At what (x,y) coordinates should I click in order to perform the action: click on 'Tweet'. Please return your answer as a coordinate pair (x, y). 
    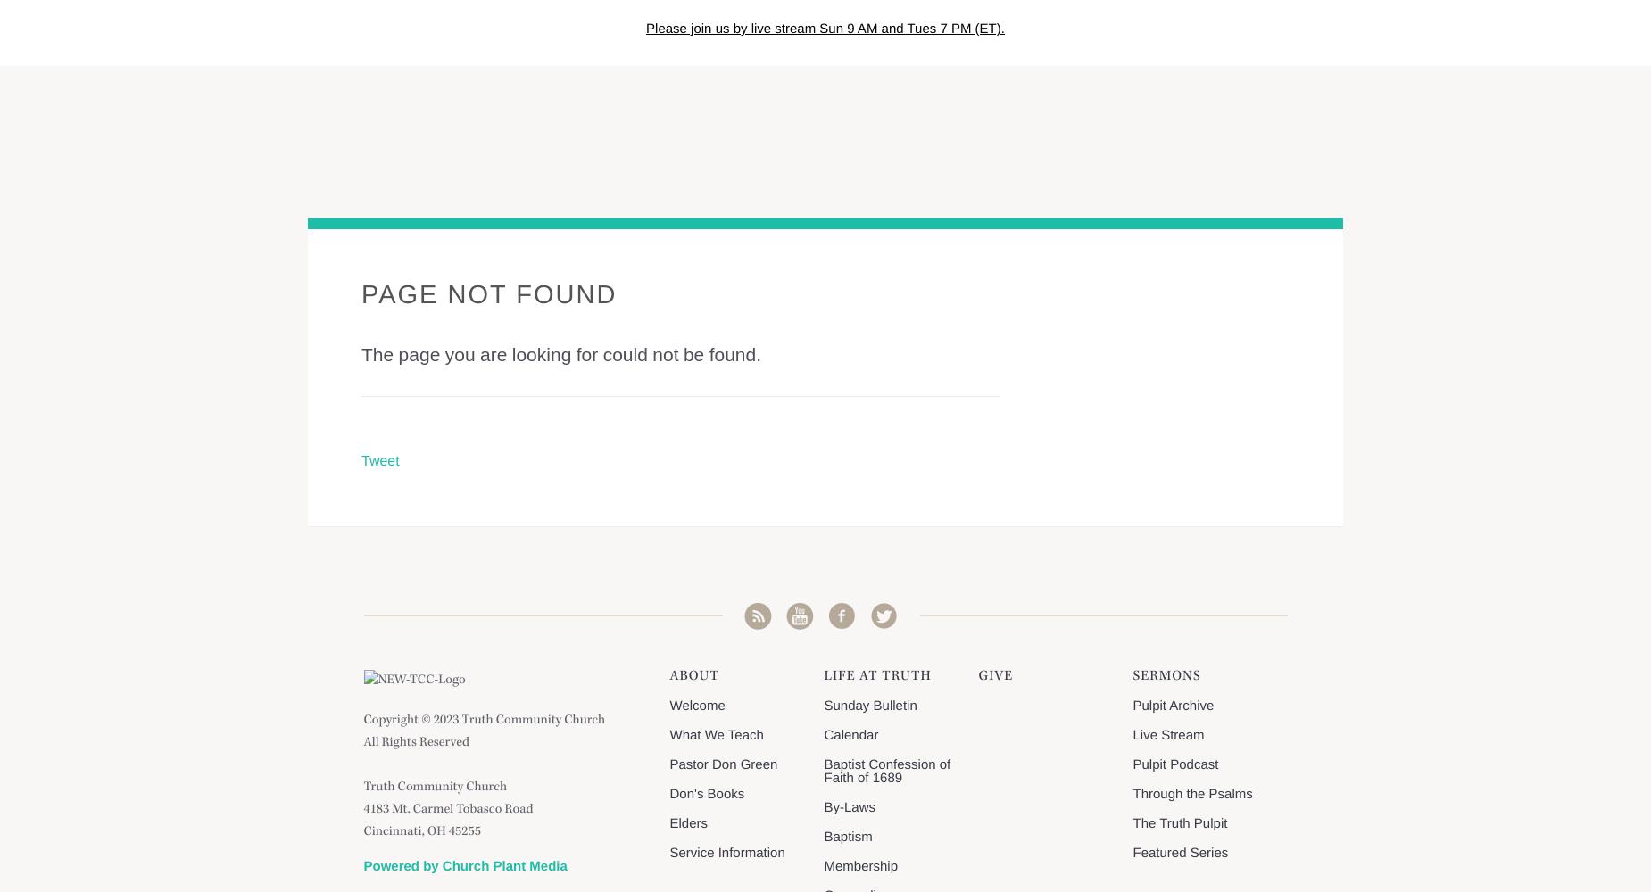
    Looking at the image, I should click on (379, 461).